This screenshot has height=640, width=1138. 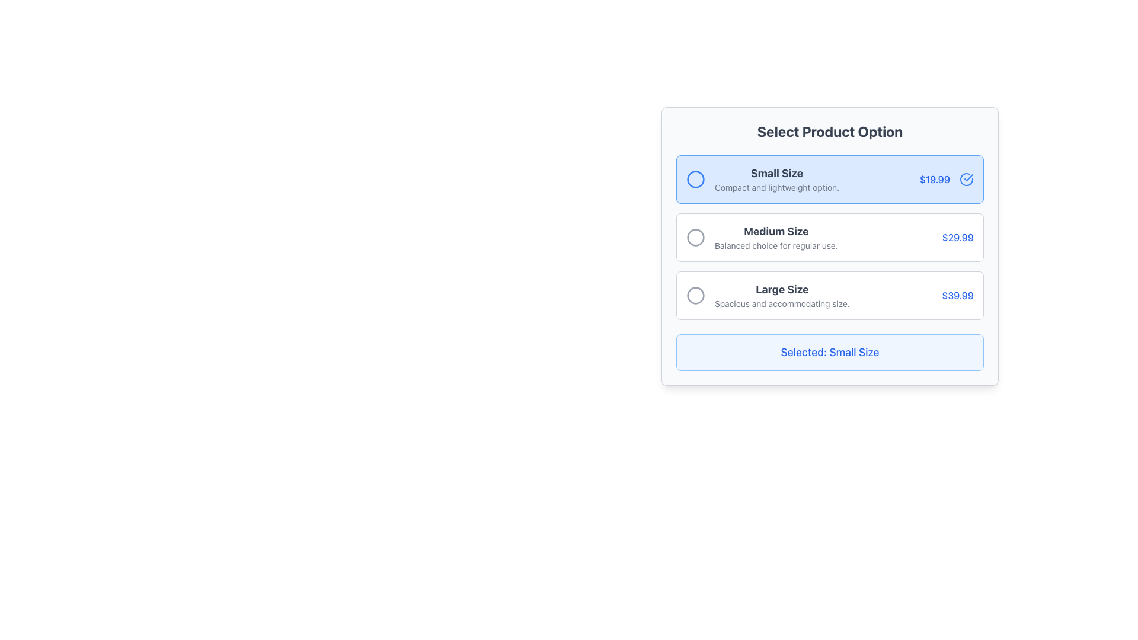 I want to click on the circular icon with a blue outline above the text 'Small Size', so click(x=696, y=180).